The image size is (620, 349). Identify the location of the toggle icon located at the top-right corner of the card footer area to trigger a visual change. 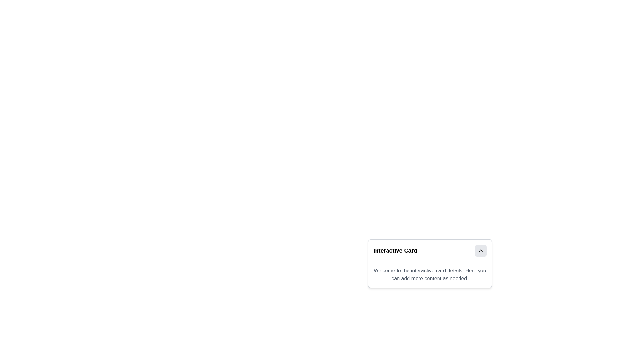
(480, 250).